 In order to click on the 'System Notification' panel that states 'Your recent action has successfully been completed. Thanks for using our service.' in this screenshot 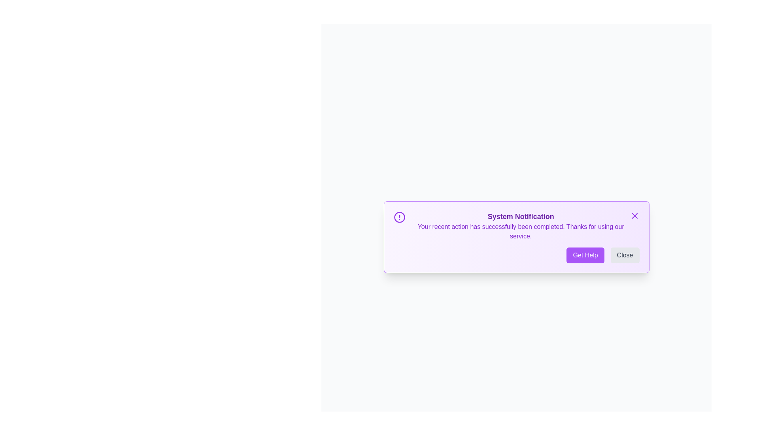, I will do `click(516, 226)`.